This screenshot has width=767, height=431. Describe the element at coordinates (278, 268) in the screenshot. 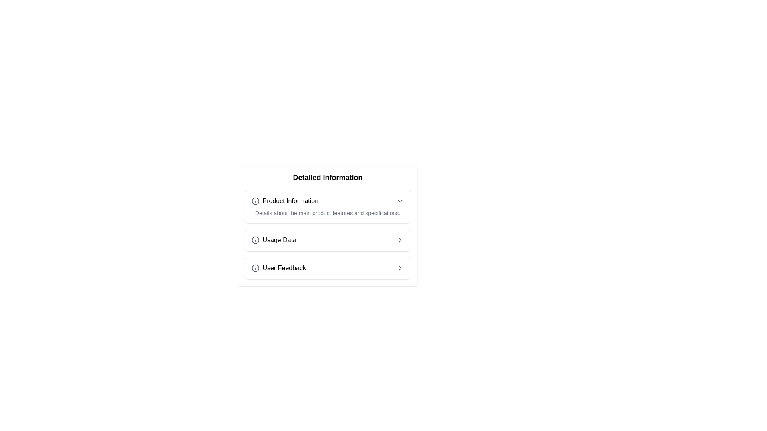

I see `the 'User Feedback' labeled button` at that location.